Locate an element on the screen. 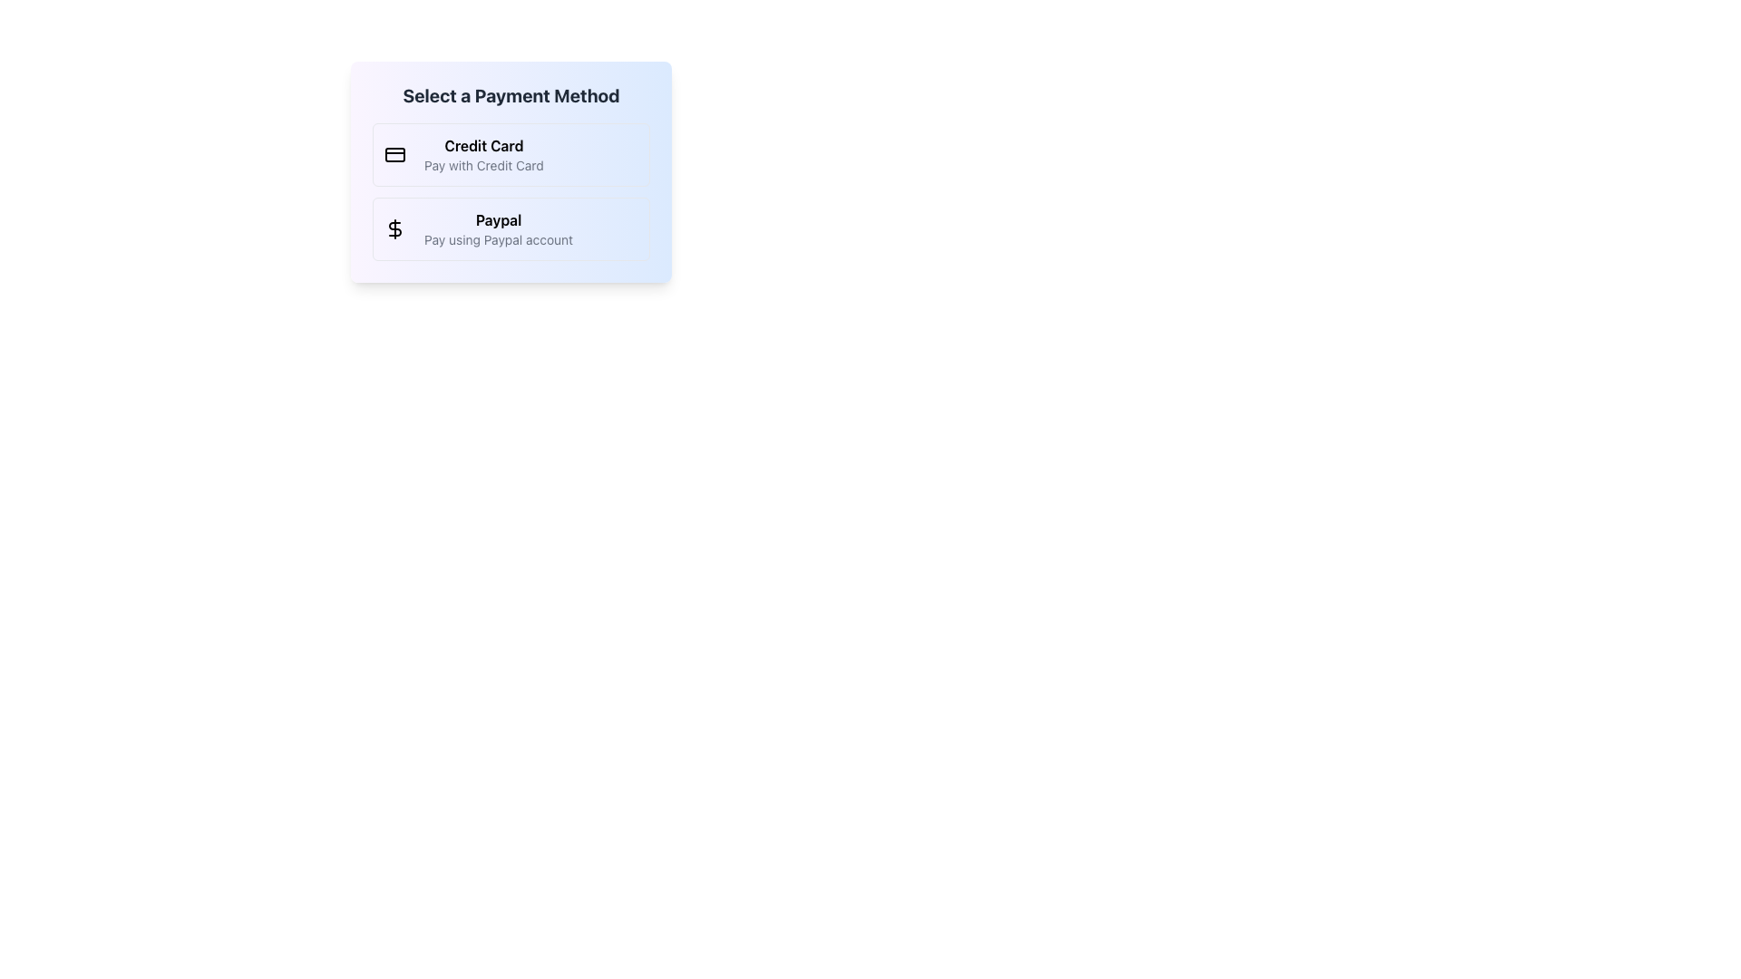 The width and height of the screenshot is (1741, 979). the bold text label 'Paypal' located in the payment selection interface, which is positioned below the 'Select a Payment Method' heading and adjacent to the dollar icon is located at coordinates (499, 219).